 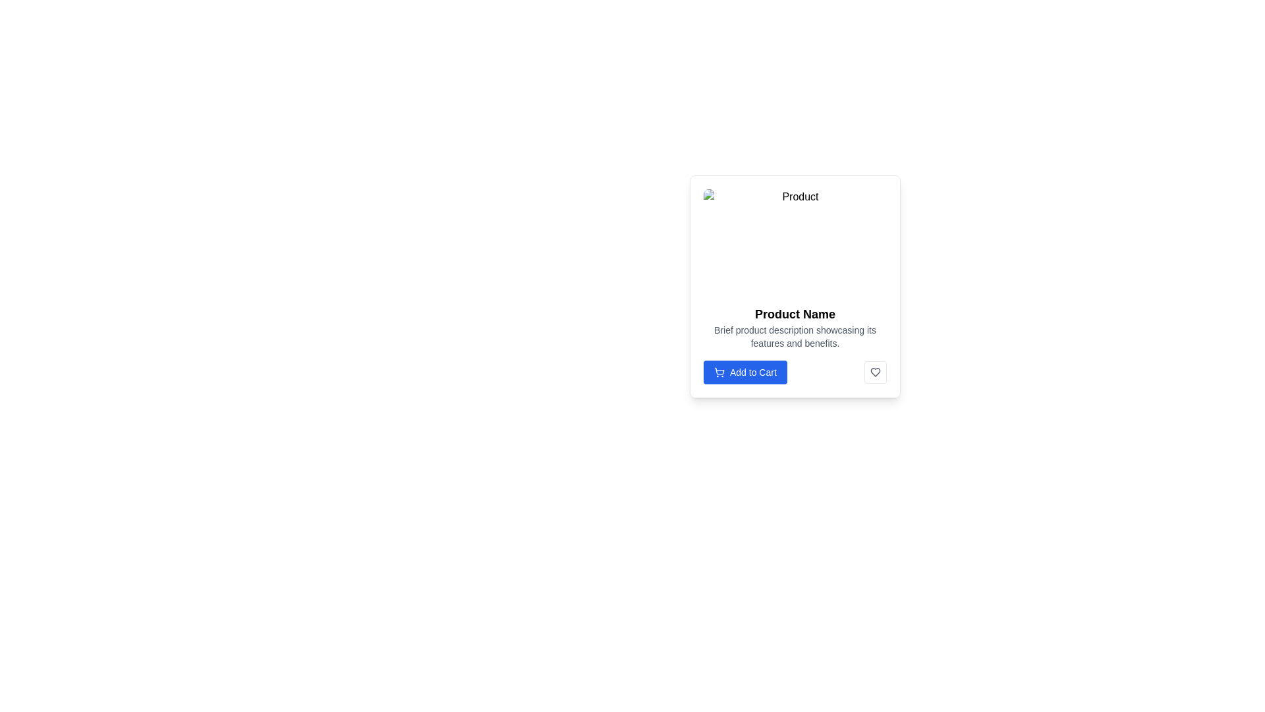 I want to click on the heart-shaped 'like' icon outlined in gray, located at the bottom-right corner of the product card, so click(x=876, y=372).